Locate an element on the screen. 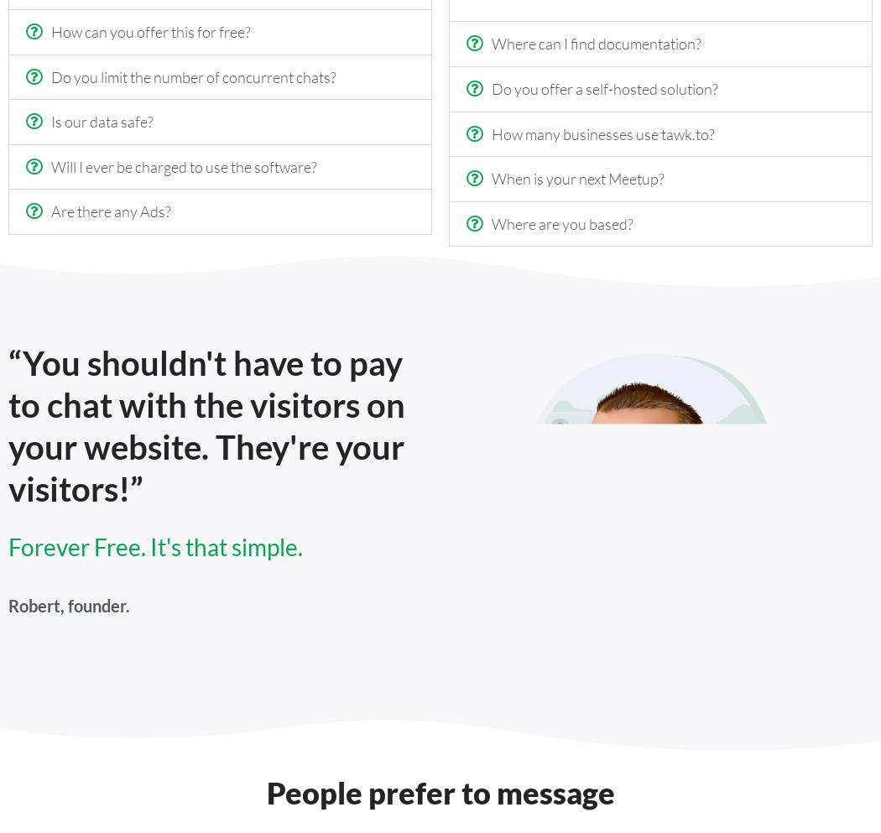  'Are there any Ads?' is located at coordinates (50, 211).